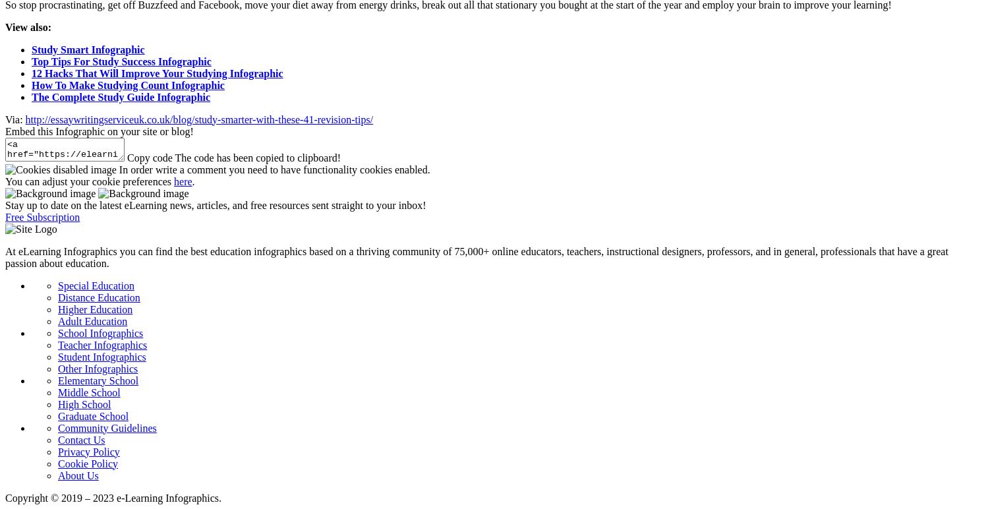  I want to click on 'View also:', so click(29, 26).